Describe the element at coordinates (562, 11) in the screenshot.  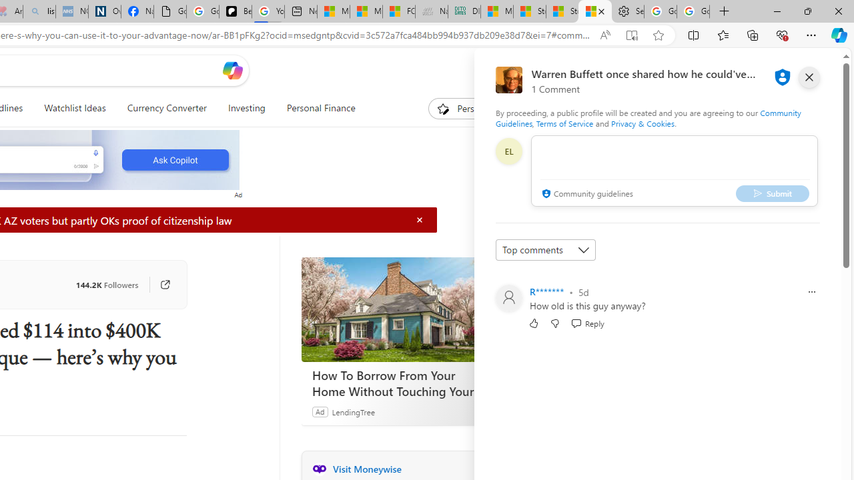
I see `'Stocks - MSN'` at that location.